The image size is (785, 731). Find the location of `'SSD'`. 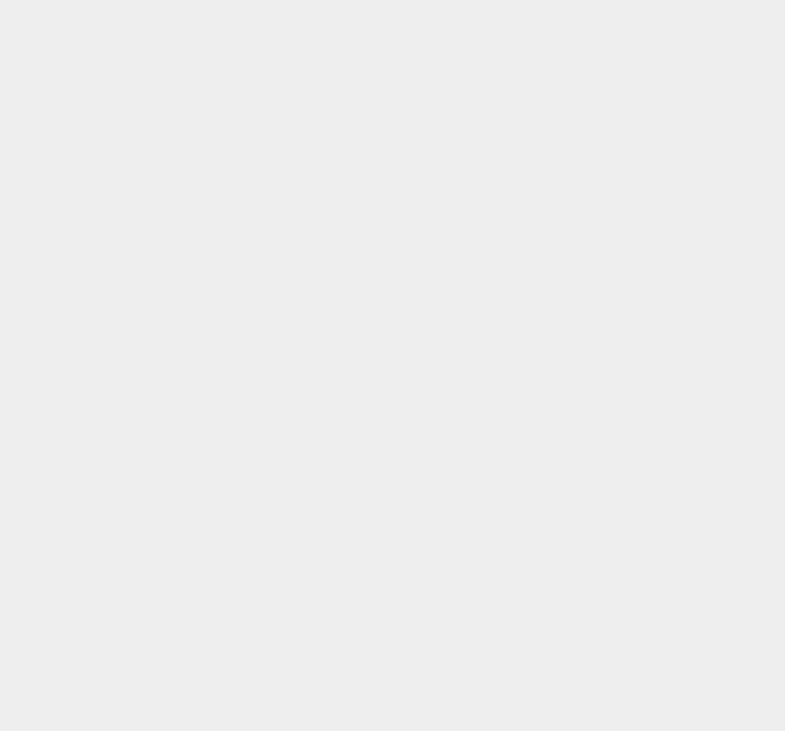

'SSD' is located at coordinates (562, 306).